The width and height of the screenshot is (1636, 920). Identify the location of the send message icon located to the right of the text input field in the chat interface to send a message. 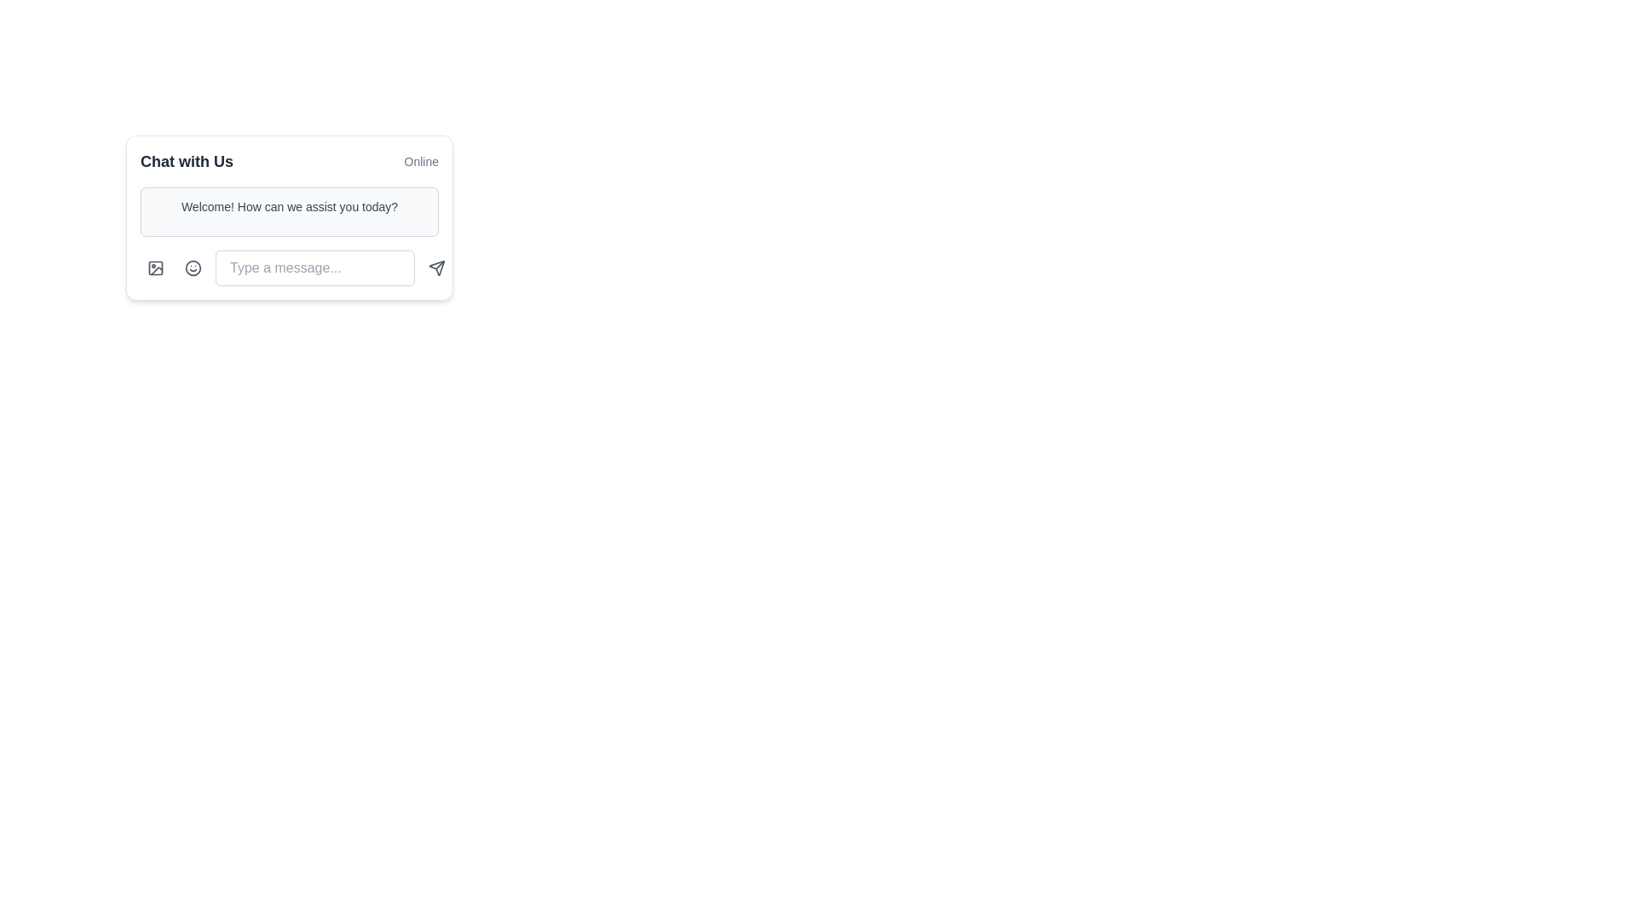
(437, 268).